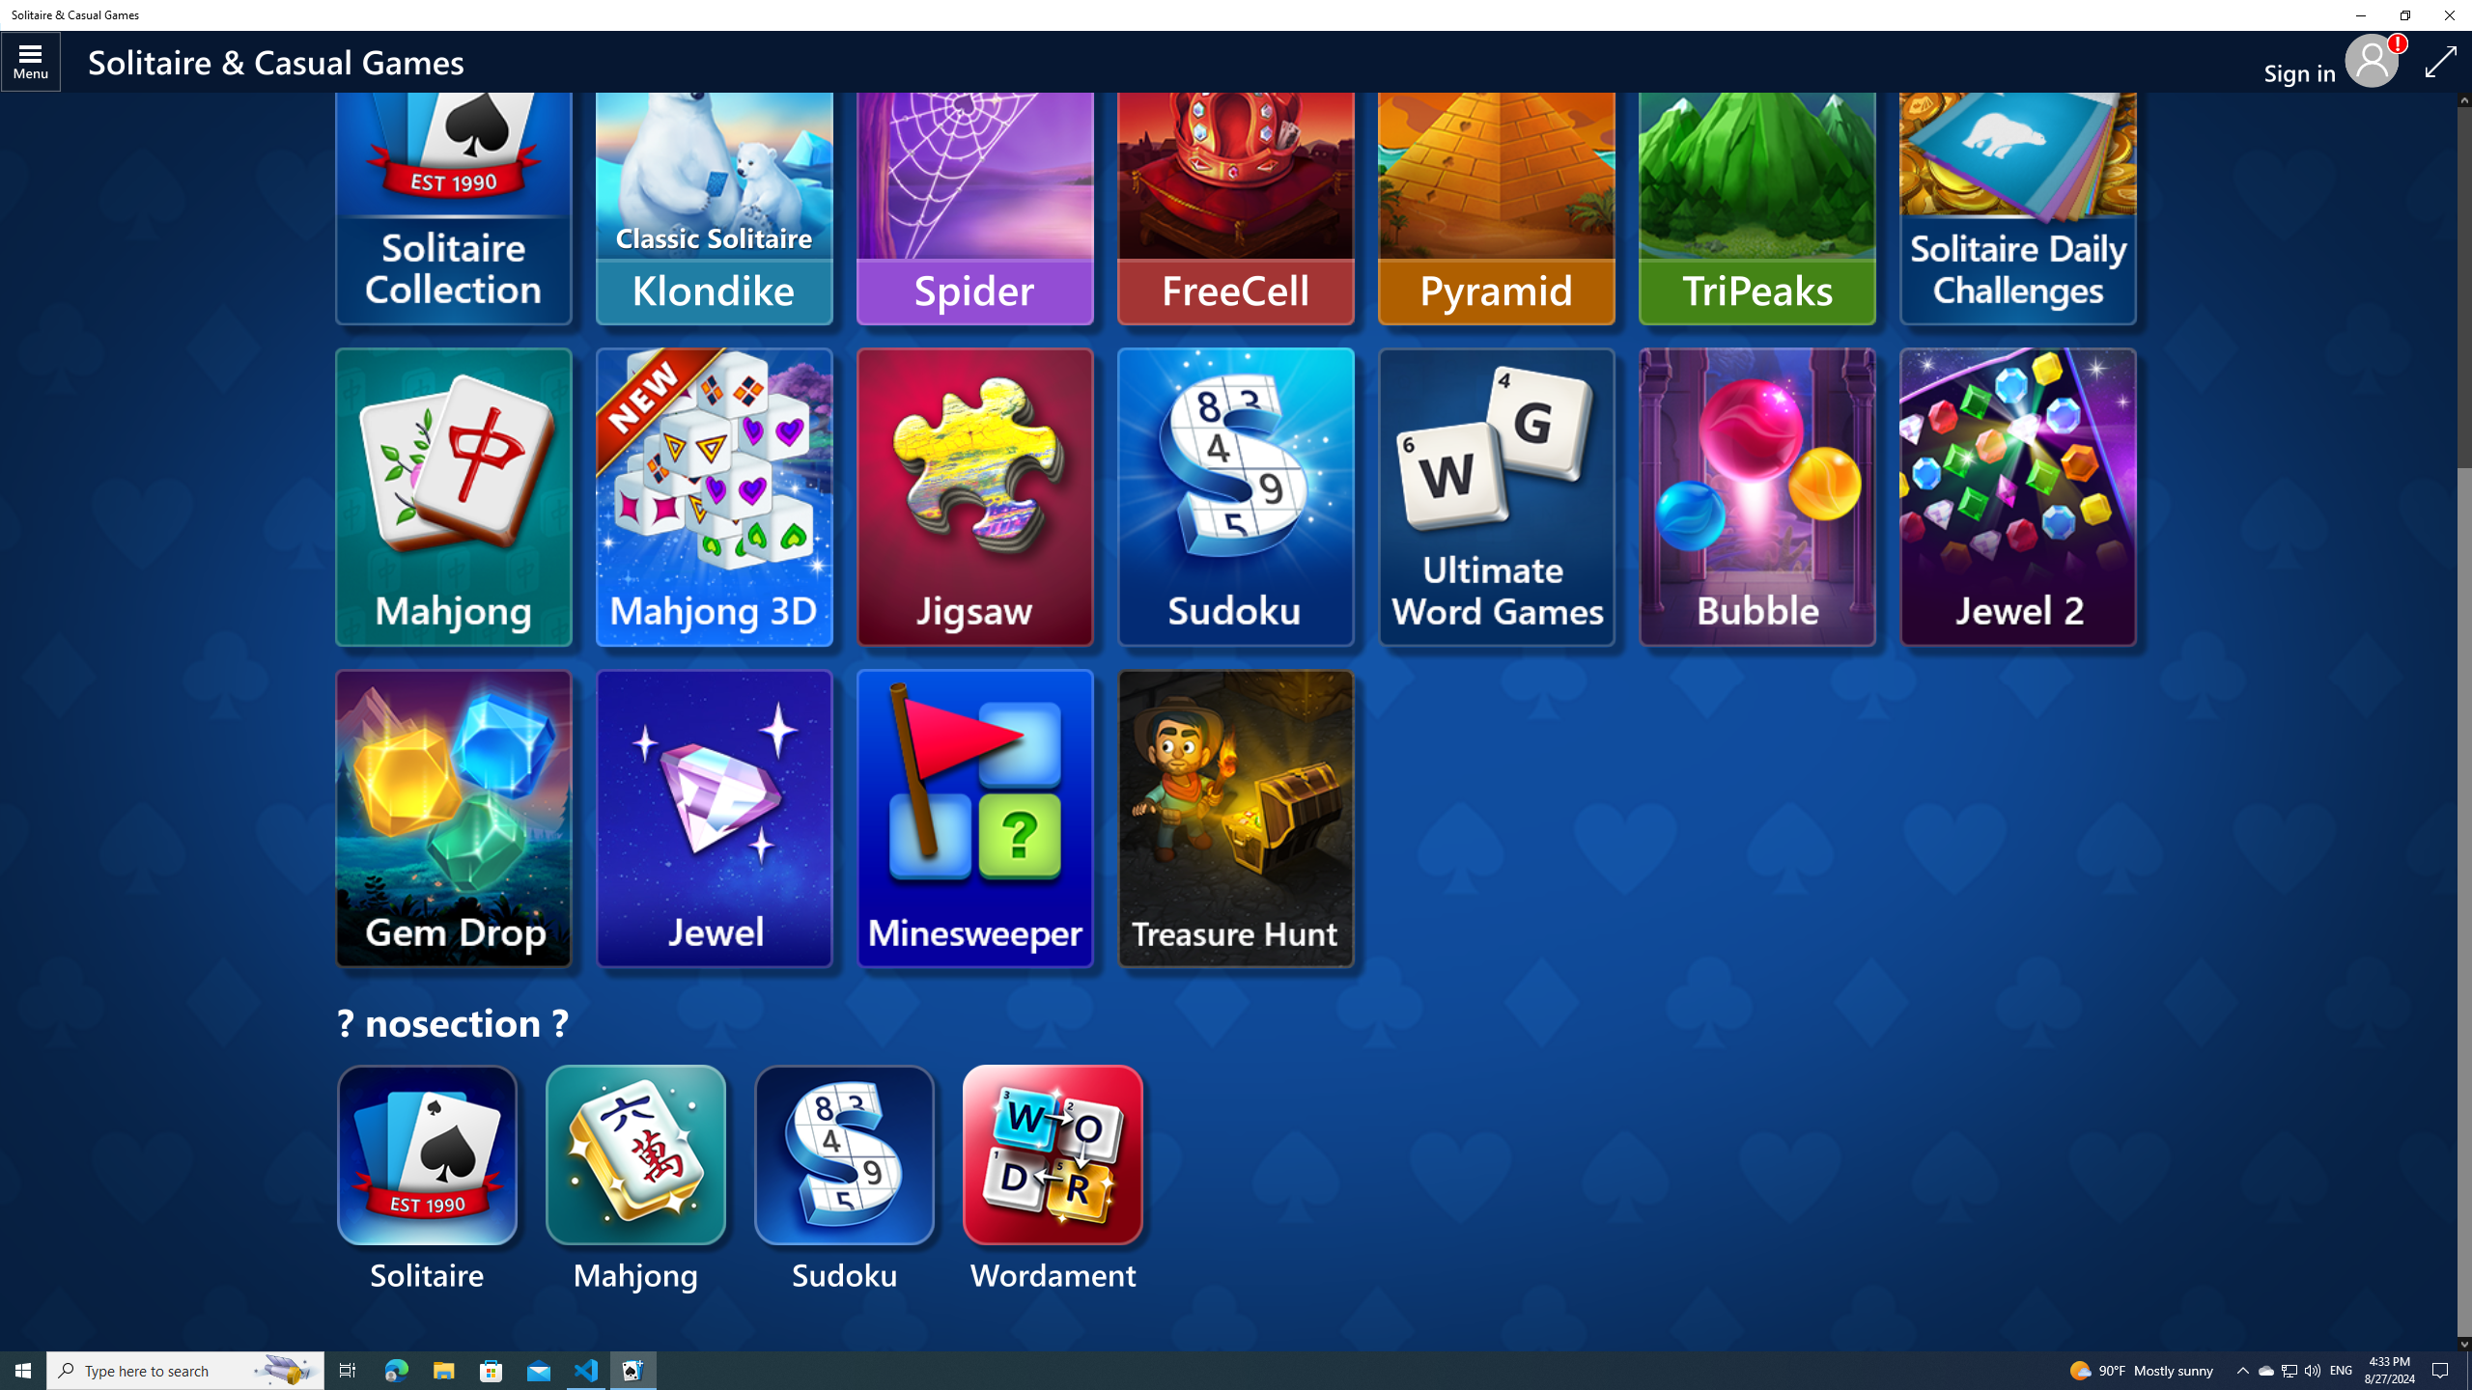  What do you see at coordinates (2359, 14) in the screenshot?
I see `'Minimize Solitaire & Casual Games'` at bounding box center [2359, 14].